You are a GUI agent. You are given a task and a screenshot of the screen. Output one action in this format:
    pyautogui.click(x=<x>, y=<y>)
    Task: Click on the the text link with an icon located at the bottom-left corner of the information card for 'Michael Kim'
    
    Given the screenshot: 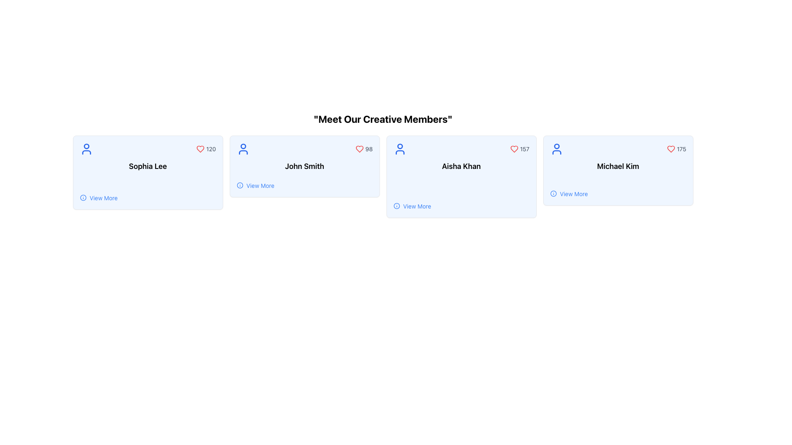 What is the action you would take?
    pyautogui.click(x=568, y=194)
    